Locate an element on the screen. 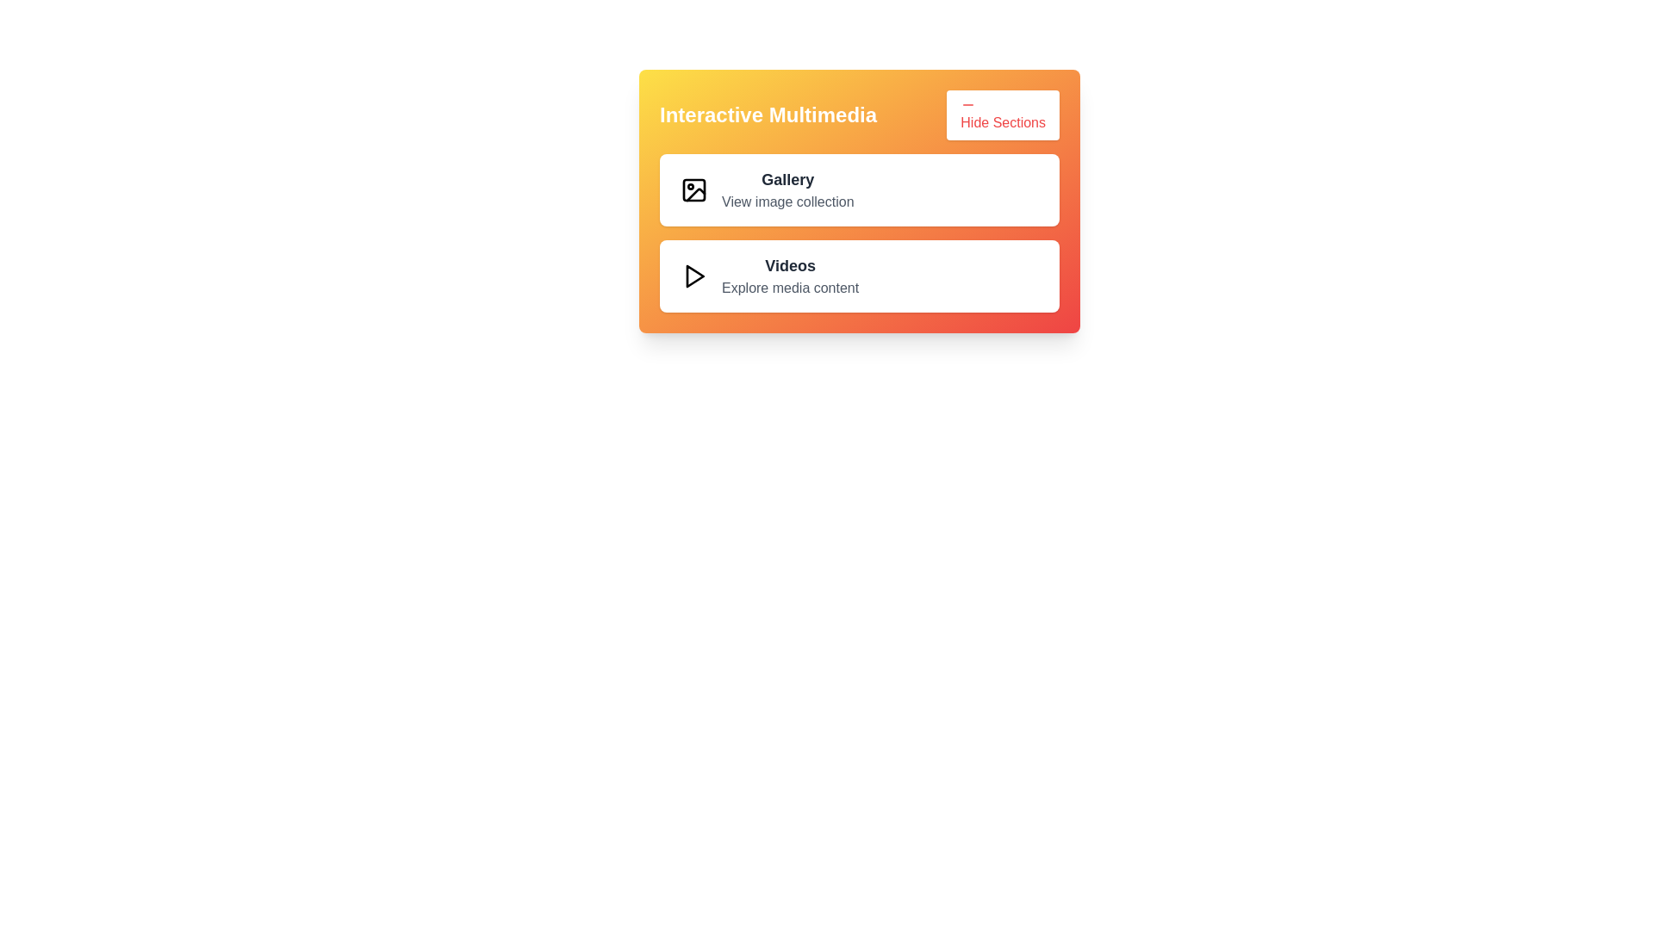 Image resolution: width=1654 pixels, height=930 pixels. the Text element located in the lower section of the card-like component, immediately below the 'Gallery' section is located at coordinates (789, 275).